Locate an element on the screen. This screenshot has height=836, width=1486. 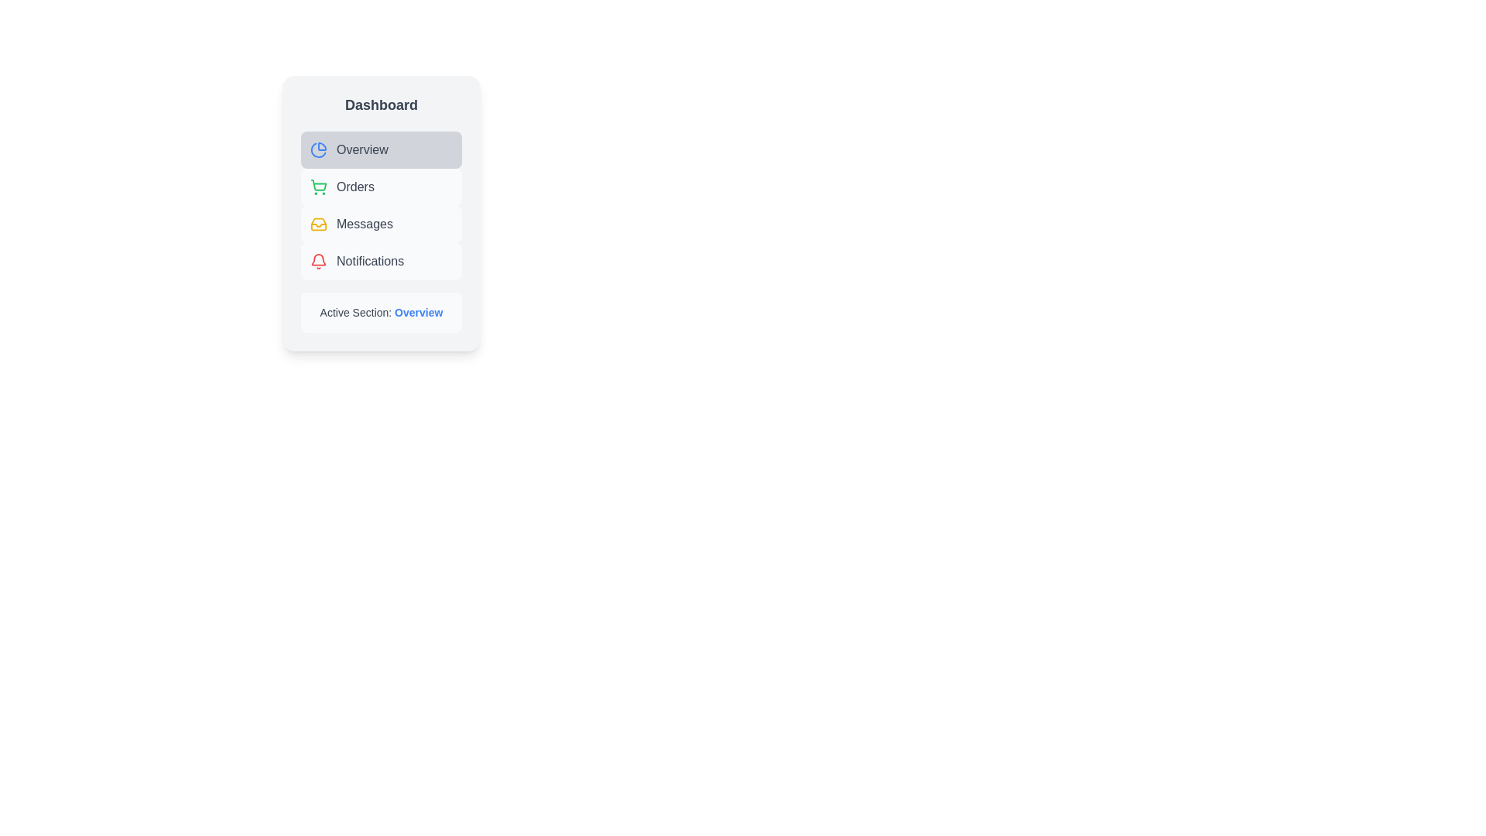
the menu item labeled Overview is located at coordinates (382, 149).